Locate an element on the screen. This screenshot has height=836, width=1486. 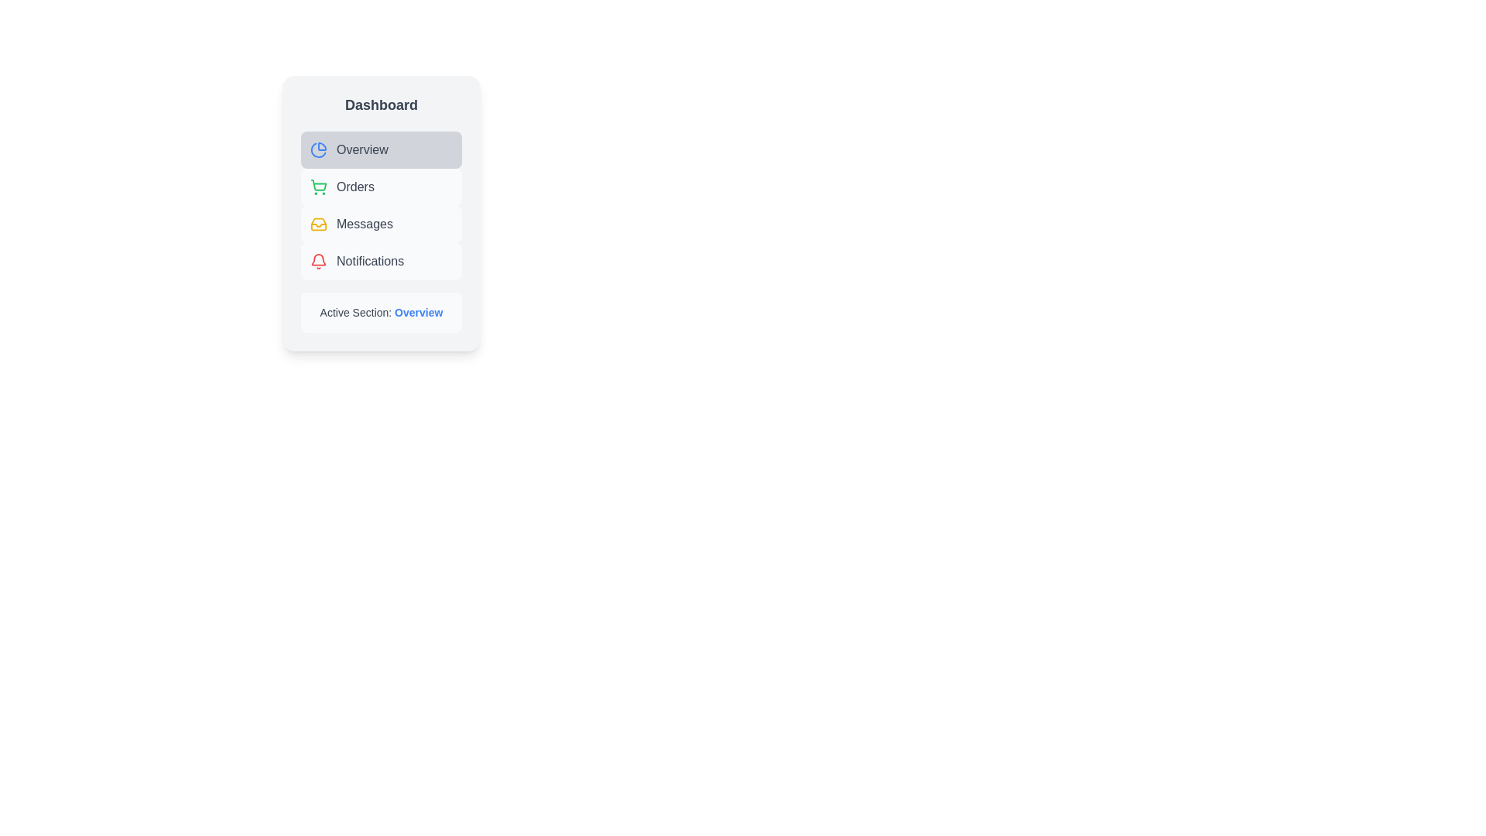
the menu item labeled Overview is located at coordinates (382, 149).